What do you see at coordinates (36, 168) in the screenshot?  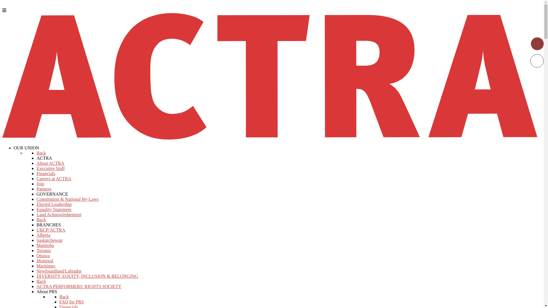 I see `'Executive Staff'` at bounding box center [36, 168].